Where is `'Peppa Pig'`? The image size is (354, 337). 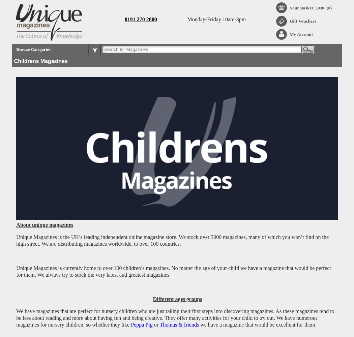 'Peppa Pig' is located at coordinates (130, 324).